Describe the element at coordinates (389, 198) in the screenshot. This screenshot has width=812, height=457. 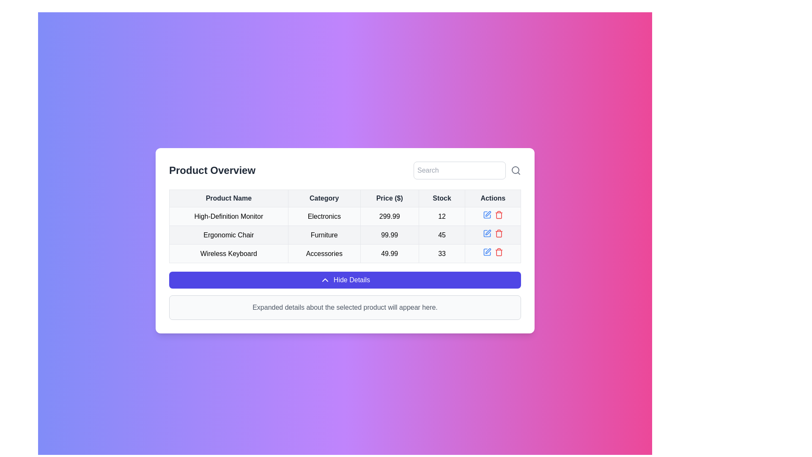
I see `the 'Price ($)' column header in the table, which is the third column positioned between 'Category' and 'Stock'` at that location.